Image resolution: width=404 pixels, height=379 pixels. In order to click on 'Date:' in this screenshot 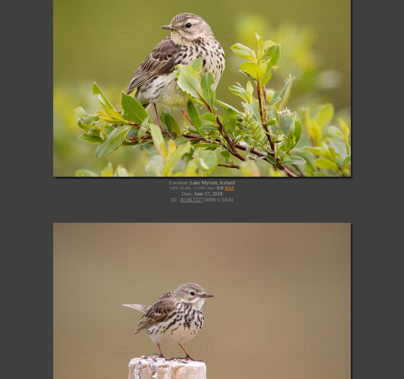, I will do `click(187, 193)`.